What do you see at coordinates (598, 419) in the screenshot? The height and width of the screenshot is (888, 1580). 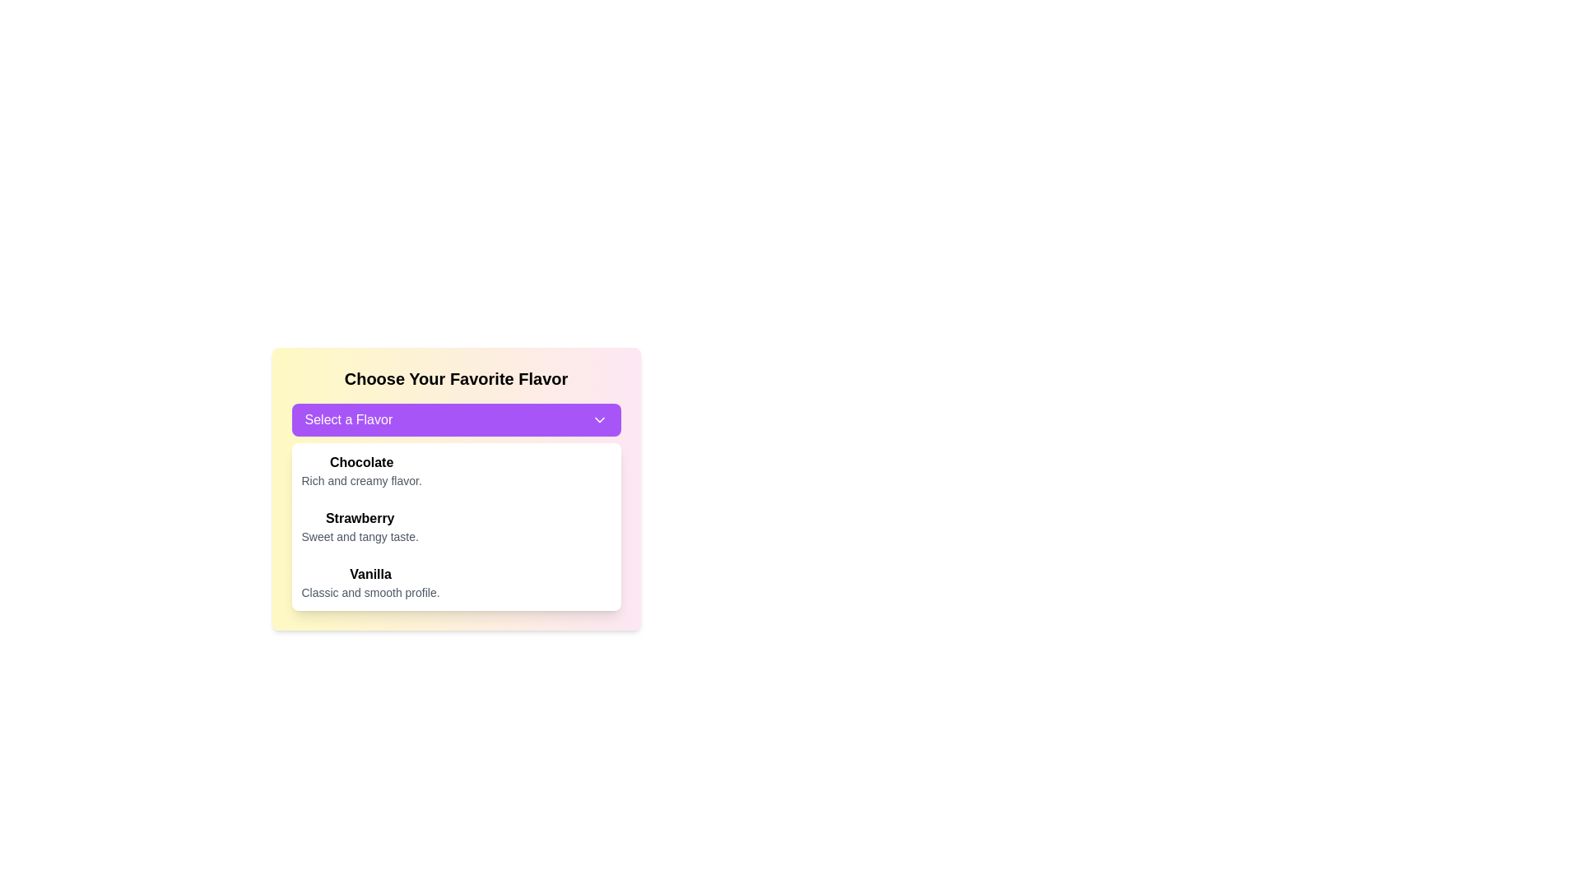 I see `the dropdown indicator icon located at the right end of the 'Select a Flavor' dropdown button` at bounding box center [598, 419].